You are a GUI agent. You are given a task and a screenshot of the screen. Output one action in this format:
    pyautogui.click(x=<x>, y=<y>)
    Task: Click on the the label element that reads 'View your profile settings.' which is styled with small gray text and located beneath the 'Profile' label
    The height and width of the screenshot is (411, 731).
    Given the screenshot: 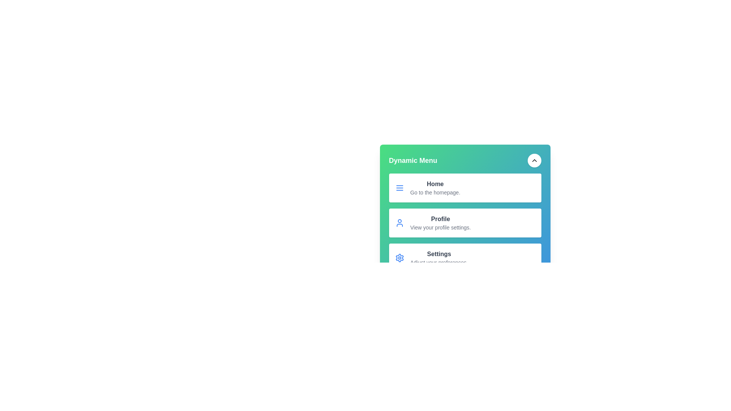 What is the action you would take?
    pyautogui.click(x=441, y=227)
    